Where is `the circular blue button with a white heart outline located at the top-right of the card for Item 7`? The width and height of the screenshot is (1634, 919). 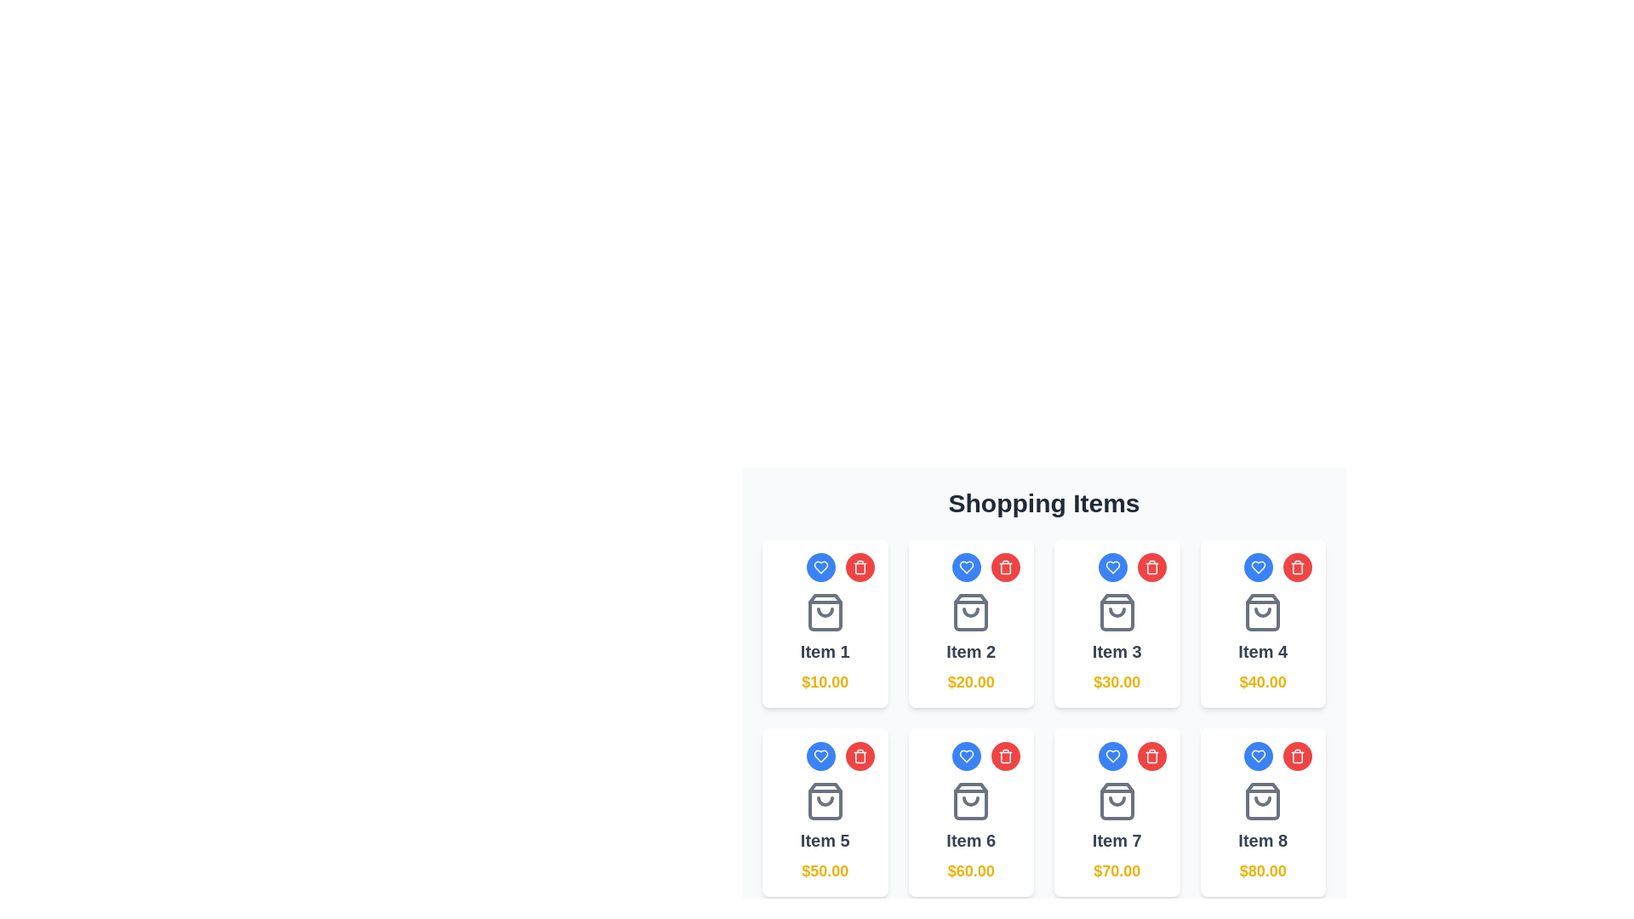 the circular blue button with a white heart outline located at the top-right of the card for Item 7 is located at coordinates (1112, 755).